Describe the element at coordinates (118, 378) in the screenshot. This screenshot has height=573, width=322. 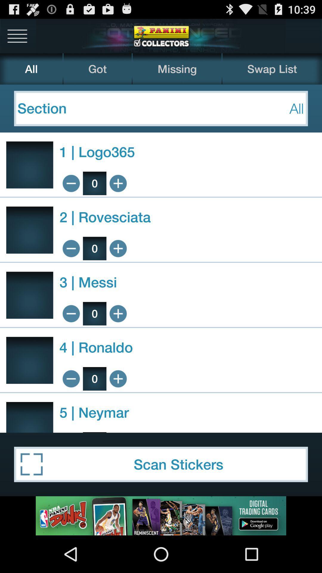
I see `increase number` at that location.